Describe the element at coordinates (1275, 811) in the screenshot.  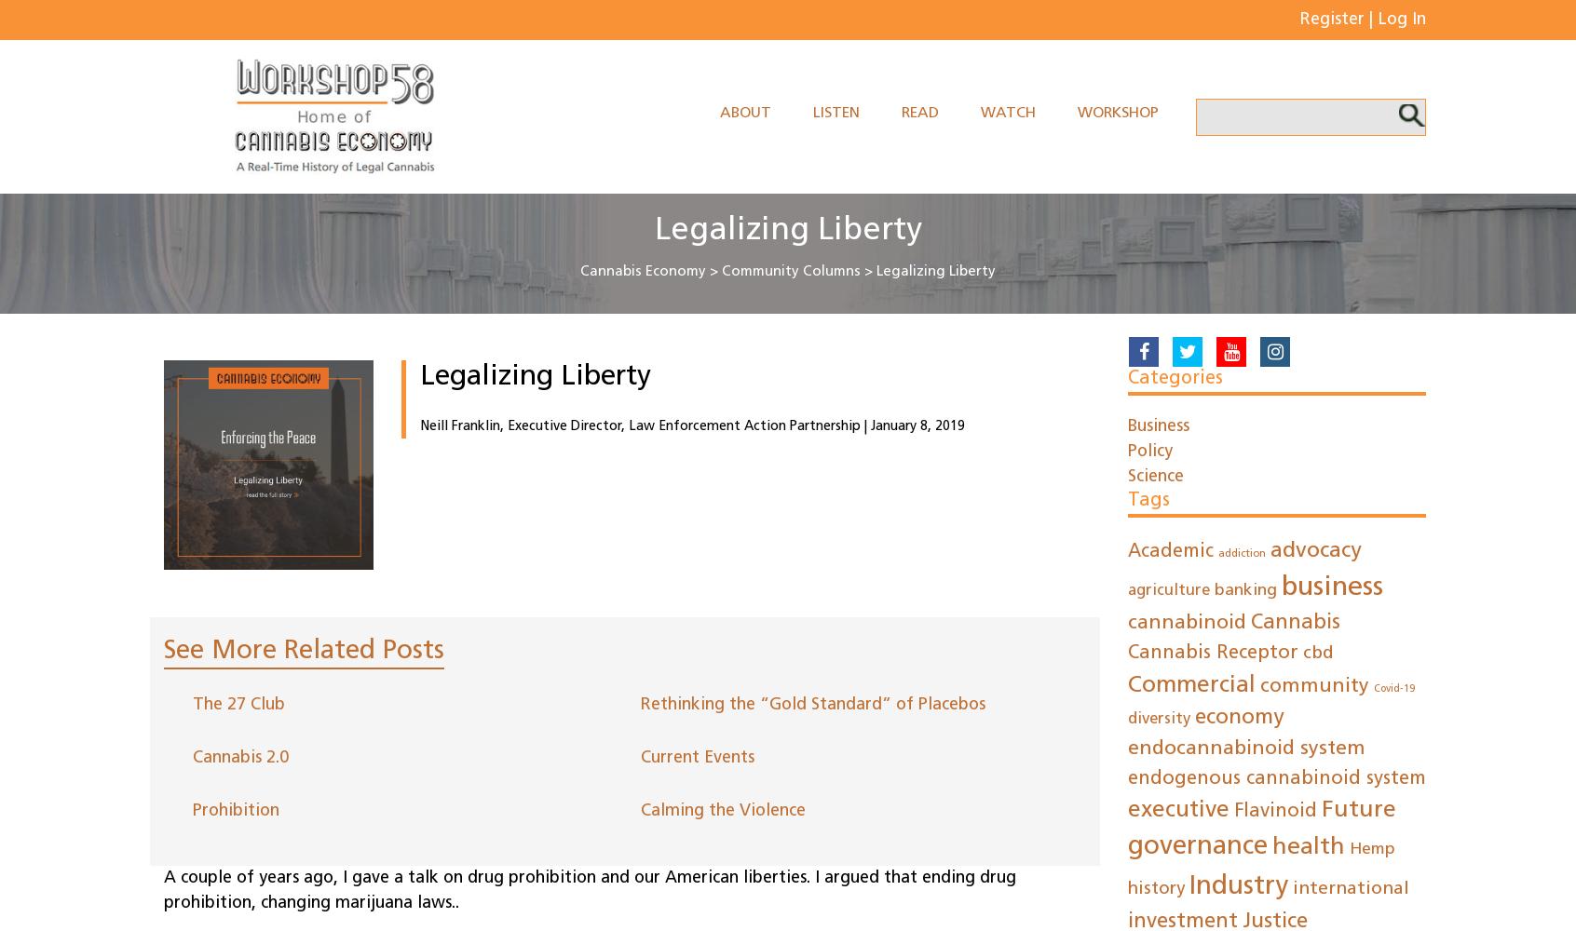
I see `'Flavinoid'` at that location.